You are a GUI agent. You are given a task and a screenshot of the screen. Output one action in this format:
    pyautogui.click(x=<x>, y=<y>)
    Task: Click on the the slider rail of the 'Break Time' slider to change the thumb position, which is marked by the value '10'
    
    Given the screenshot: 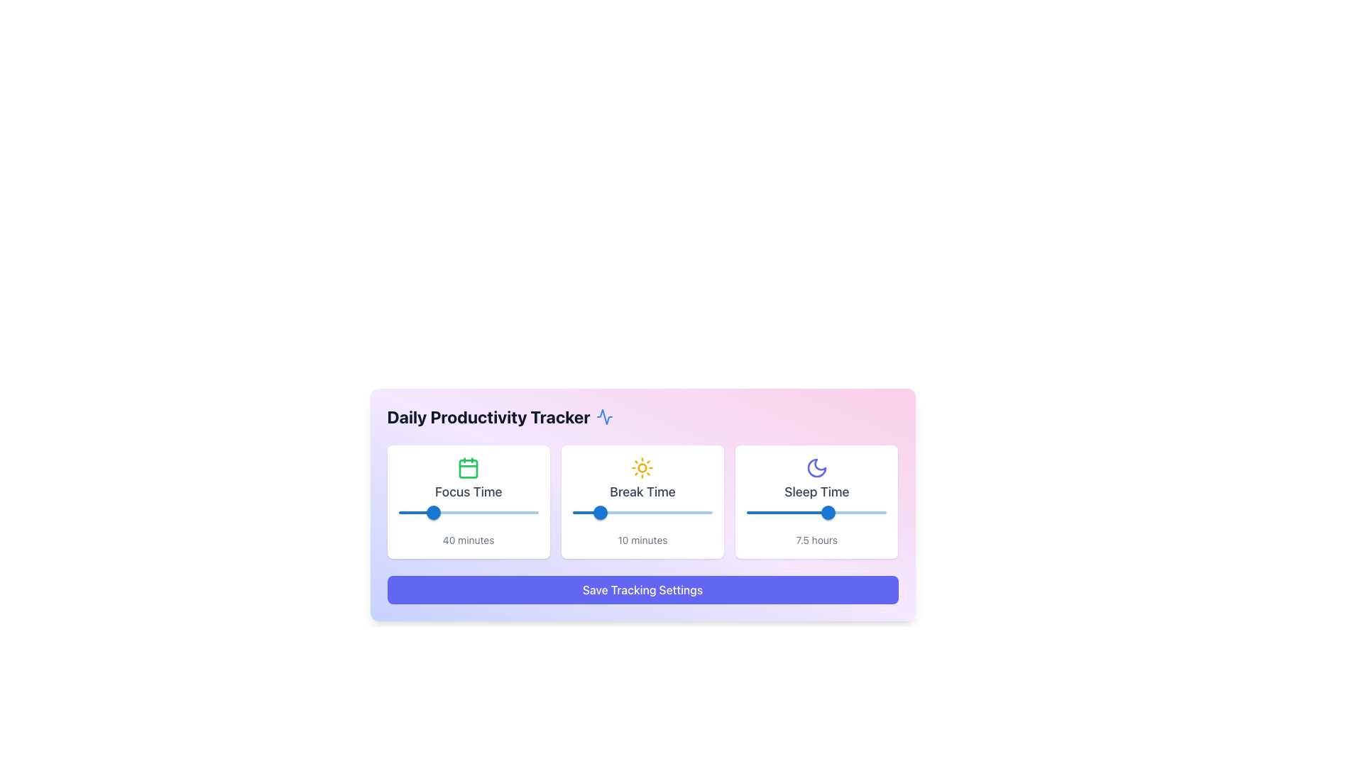 What is the action you would take?
    pyautogui.click(x=642, y=512)
    